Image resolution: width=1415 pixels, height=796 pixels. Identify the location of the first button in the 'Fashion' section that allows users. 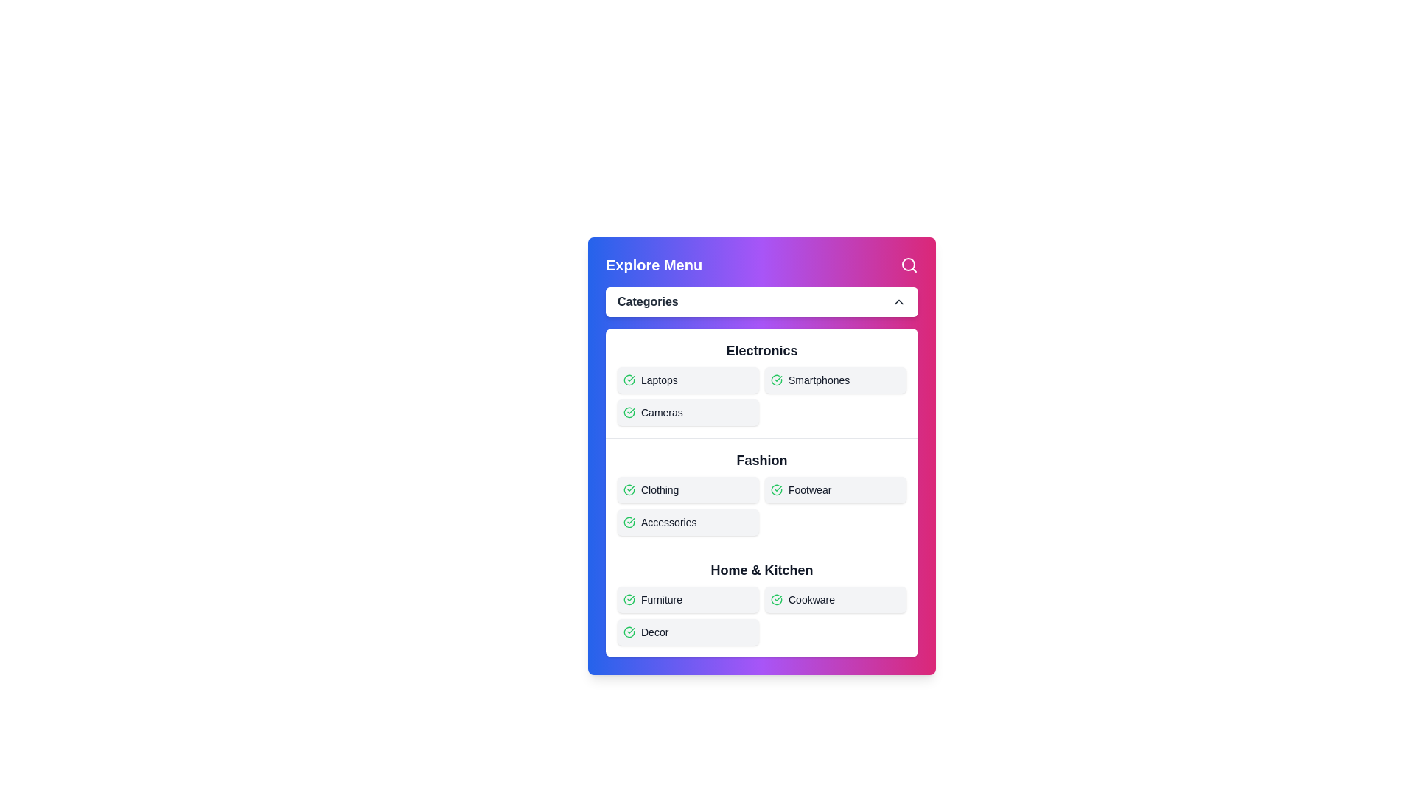
(688, 489).